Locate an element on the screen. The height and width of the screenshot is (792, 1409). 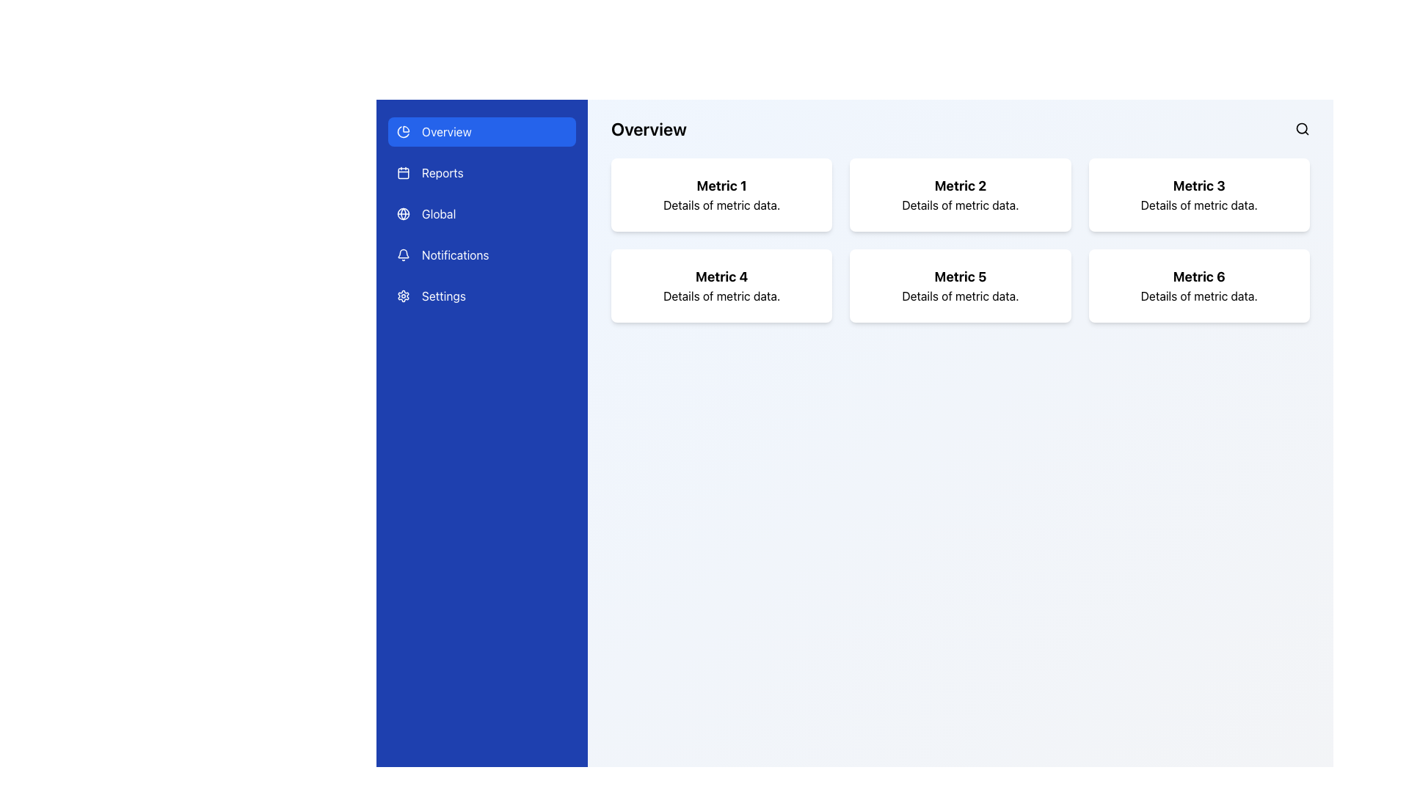
the text label reading 'Details of metric data.' located immediately below the heading 'Metric 6' in the bottom-right card of the grid layout is located at coordinates (1199, 296).